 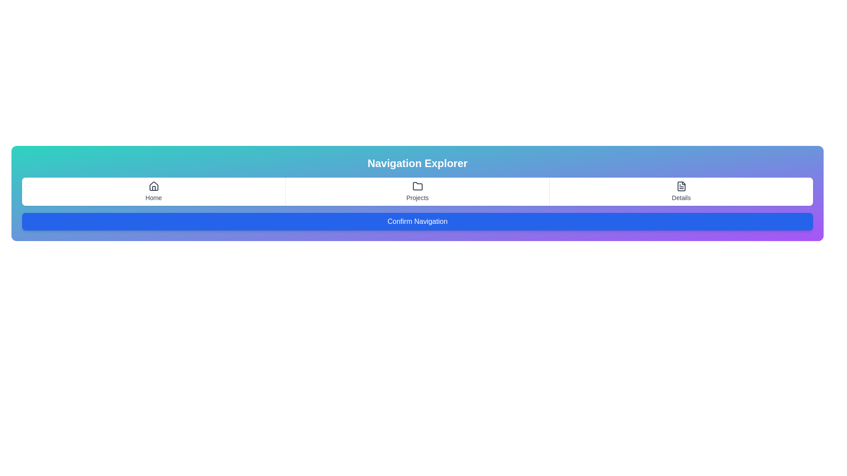 I want to click on the 'Details' text element, which is styled in gray and located under a document icon in the navigation interface, so click(x=681, y=197).